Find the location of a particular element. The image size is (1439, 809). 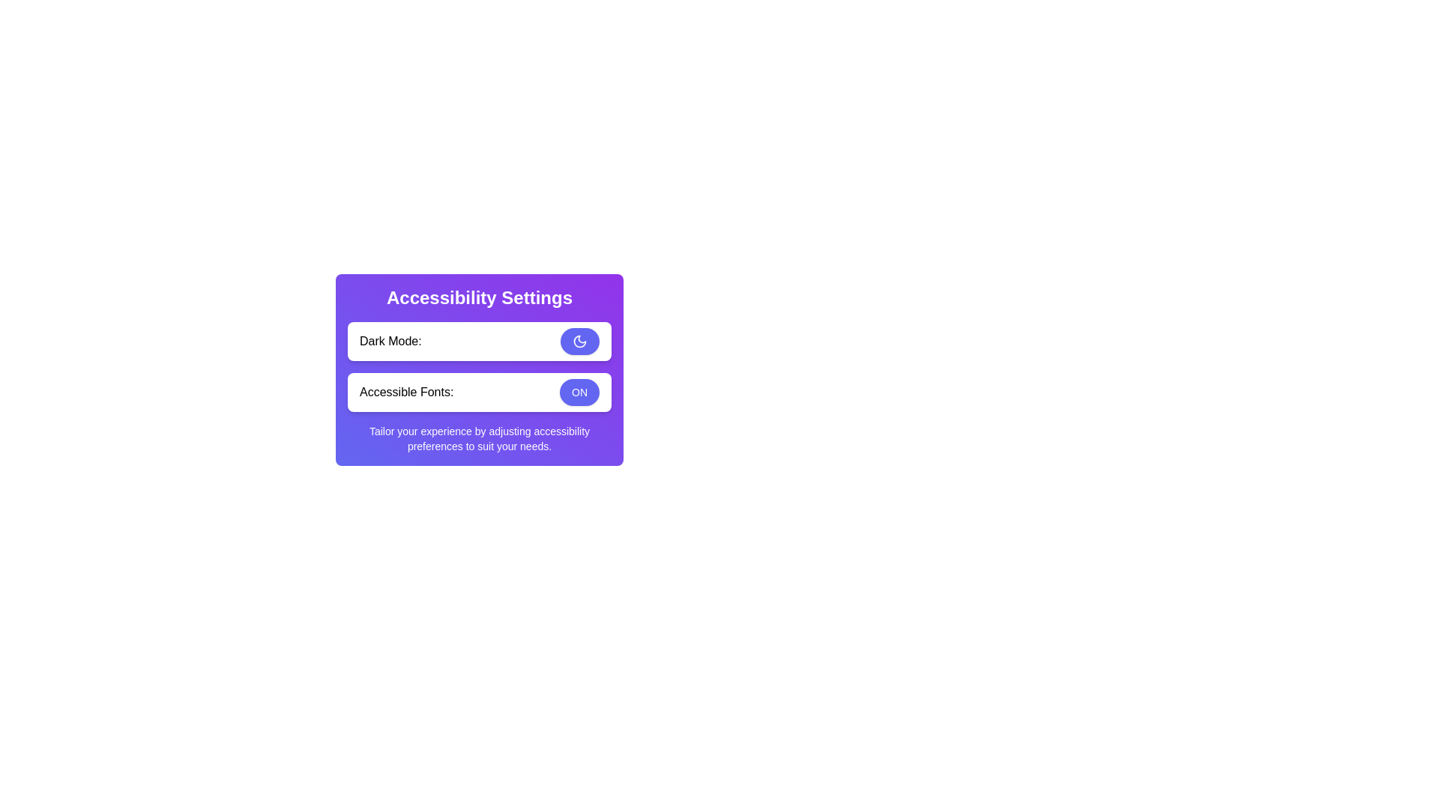

the rounded rectangular button labeled 'ON' with a blue background is located at coordinates (579, 392).